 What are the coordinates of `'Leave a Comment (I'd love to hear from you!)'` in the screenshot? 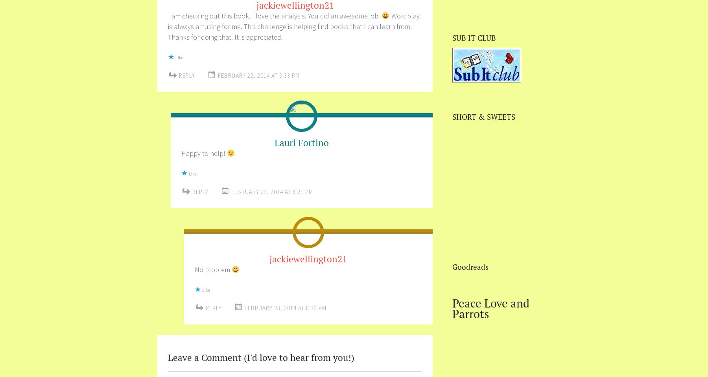 It's located at (261, 357).